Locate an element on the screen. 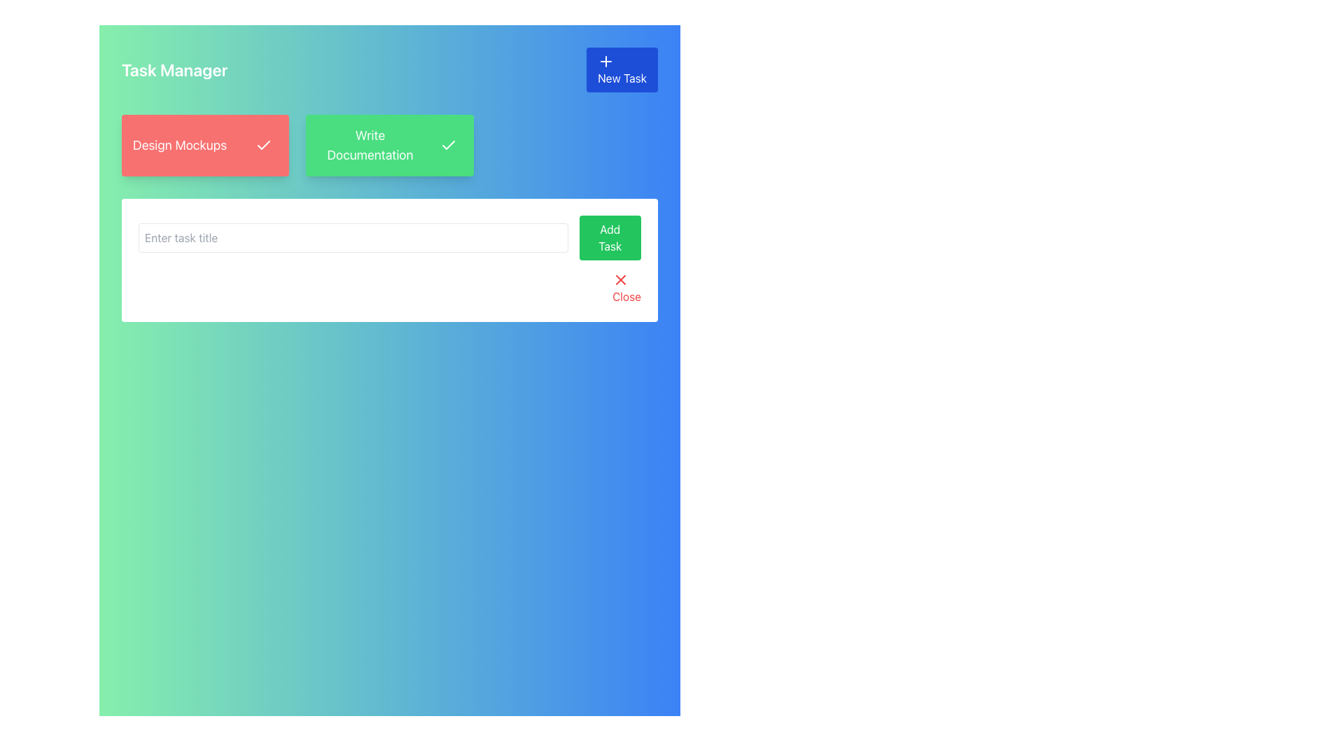 The width and height of the screenshot is (1344, 756). the button in the top-right corner of the application, adjacent to the 'Task Manager' text, to initiate the creation of a new task is located at coordinates (621, 70).